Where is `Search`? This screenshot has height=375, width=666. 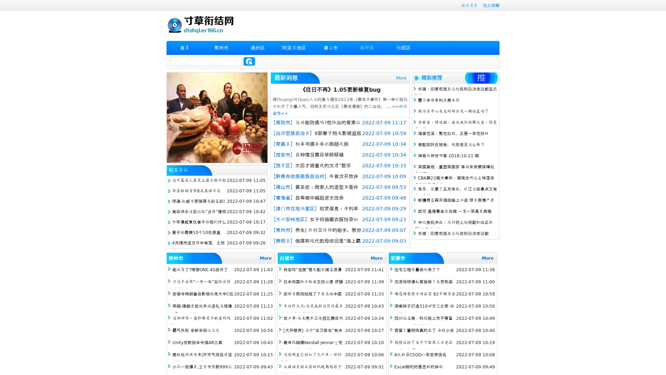
Search is located at coordinates (249, 61).